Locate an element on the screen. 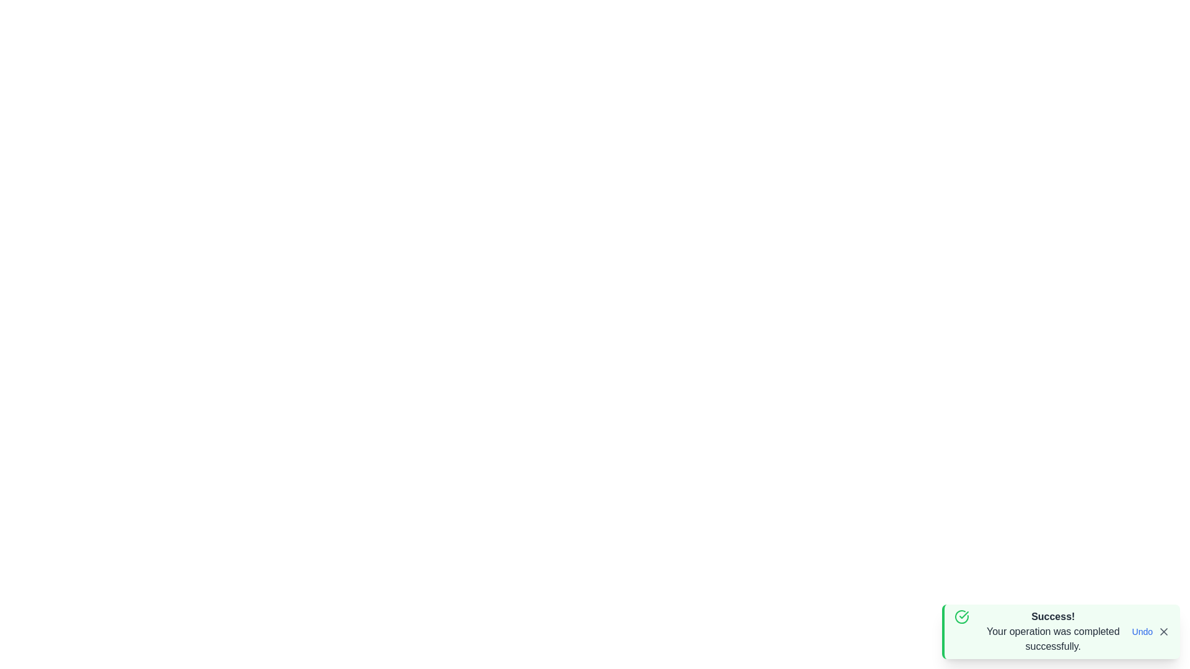 The image size is (1190, 669). the undo button is located at coordinates (1142, 631).